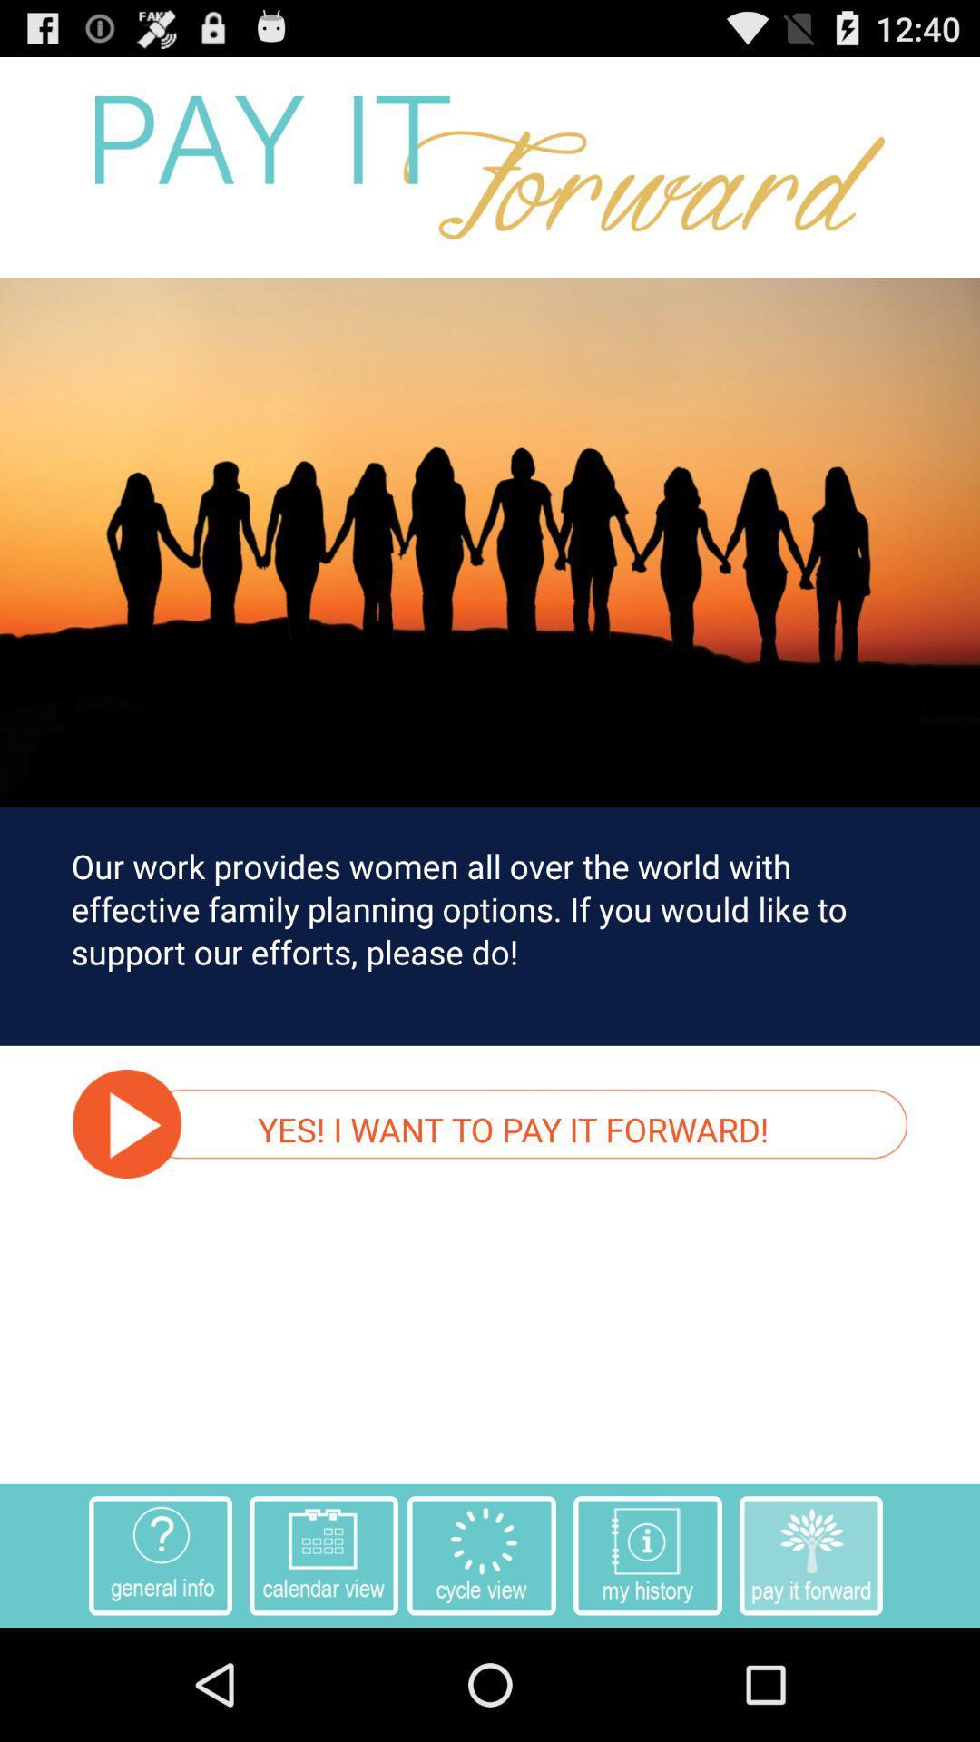 The width and height of the screenshot is (980, 1742). What do you see at coordinates (323, 1665) in the screenshot?
I see `the date_range icon` at bounding box center [323, 1665].